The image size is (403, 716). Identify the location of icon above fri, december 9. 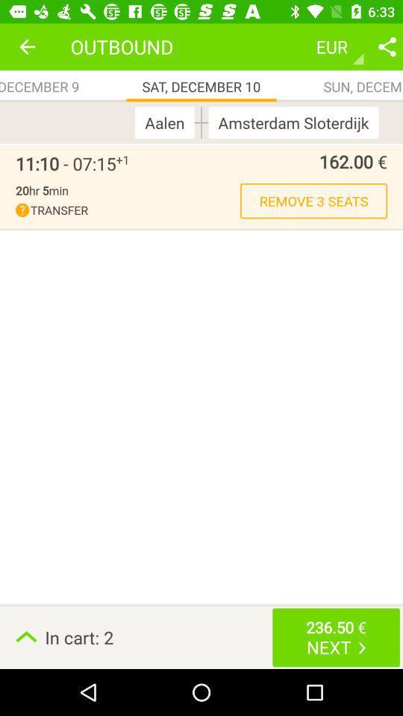
(27, 46).